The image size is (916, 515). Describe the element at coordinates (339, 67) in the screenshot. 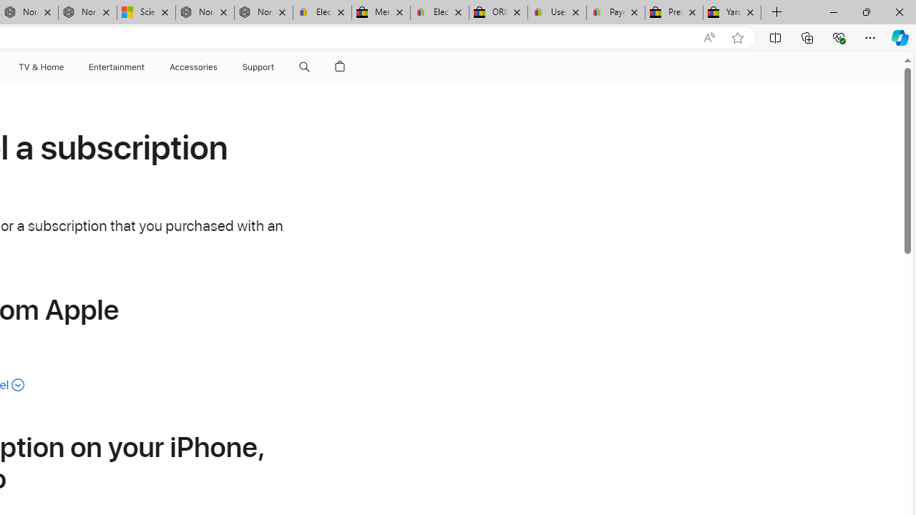

I see `'Shopping Bag'` at that location.